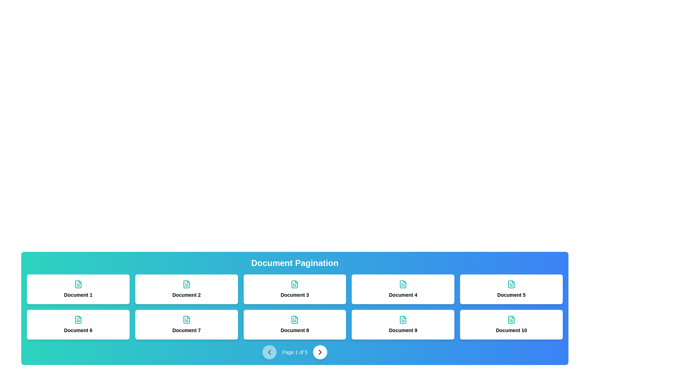 This screenshot has width=680, height=382. Describe the element at coordinates (295, 284) in the screenshot. I see `the teal document icon located in the card labeled 'Document 3' in the first row, third column of the grid layout` at that location.